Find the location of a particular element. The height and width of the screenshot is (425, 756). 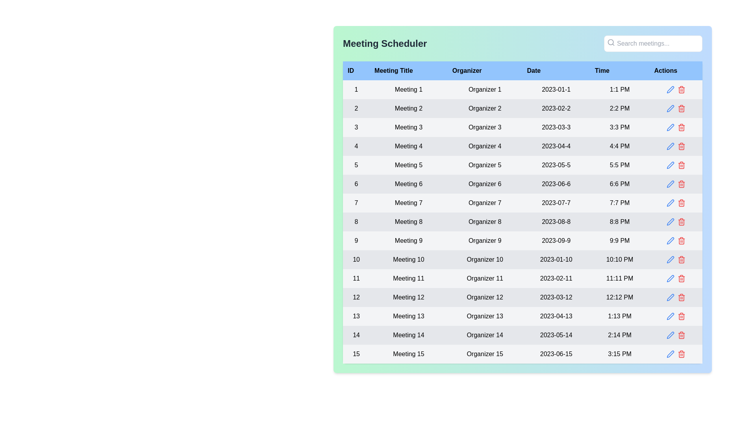

the red delete icon (trash can) within the Group of interactive links for the meeting entry titled 'Meeting 2' scheduled for '2023-02-22, 2:2 PM' in the Actions column of the second row is located at coordinates (675, 109).